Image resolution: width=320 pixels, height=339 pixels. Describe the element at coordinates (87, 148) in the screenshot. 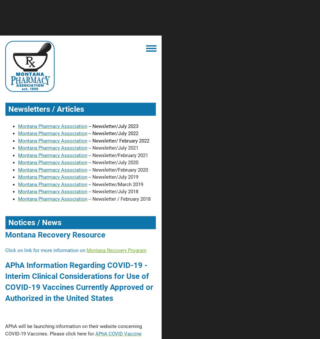

I see `'-- Newsletter/July 2021'` at that location.